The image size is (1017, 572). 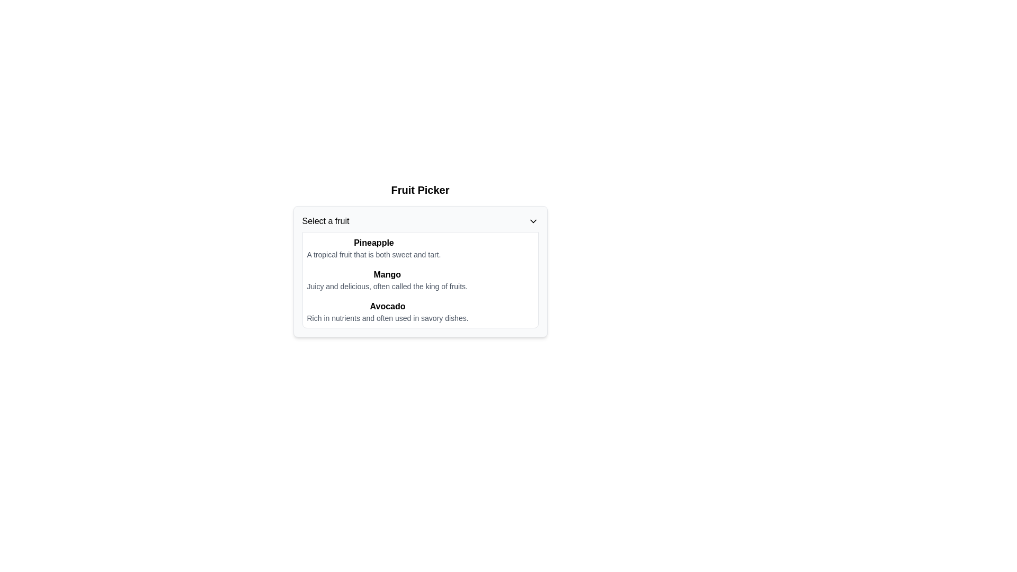 What do you see at coordinates (533, 220) in the screenshot?
I see `the indicator icon located at the rightmost side of the 'Select a fruit' dropdown menu` at bounding box center [533, 220].